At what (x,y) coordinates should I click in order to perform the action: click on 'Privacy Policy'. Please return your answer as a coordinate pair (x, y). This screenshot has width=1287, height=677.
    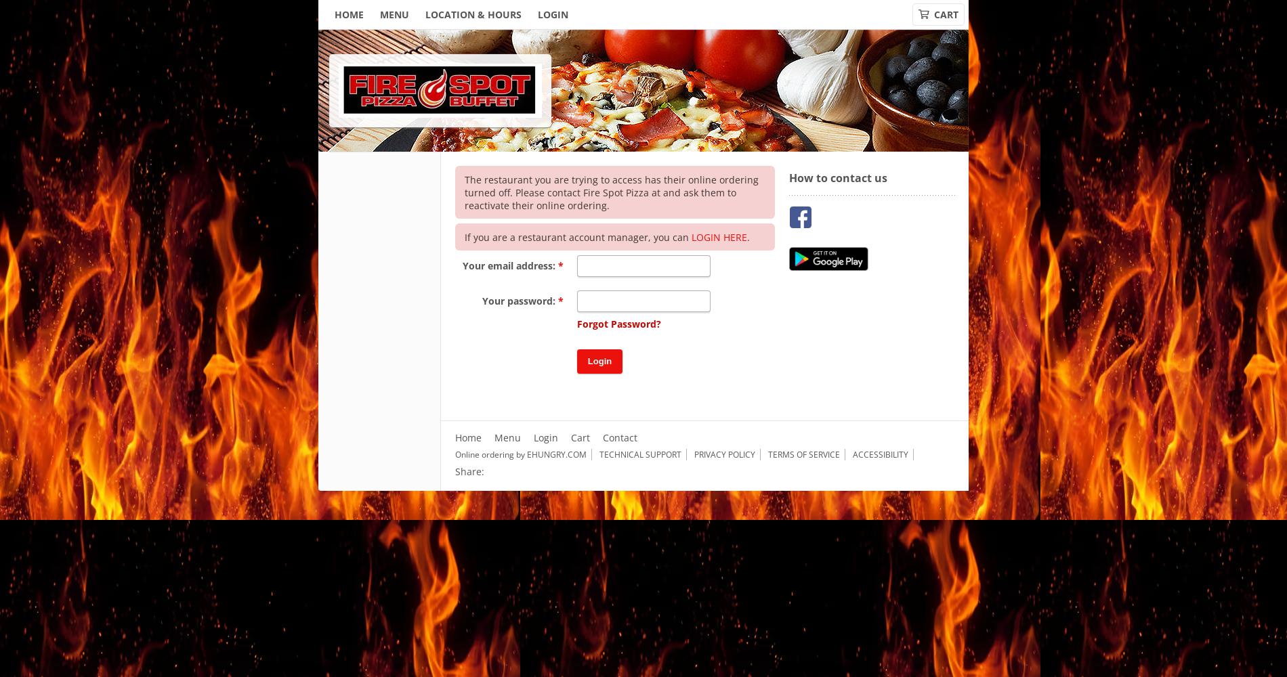
    Looking at the image, I should click on (723, 454).